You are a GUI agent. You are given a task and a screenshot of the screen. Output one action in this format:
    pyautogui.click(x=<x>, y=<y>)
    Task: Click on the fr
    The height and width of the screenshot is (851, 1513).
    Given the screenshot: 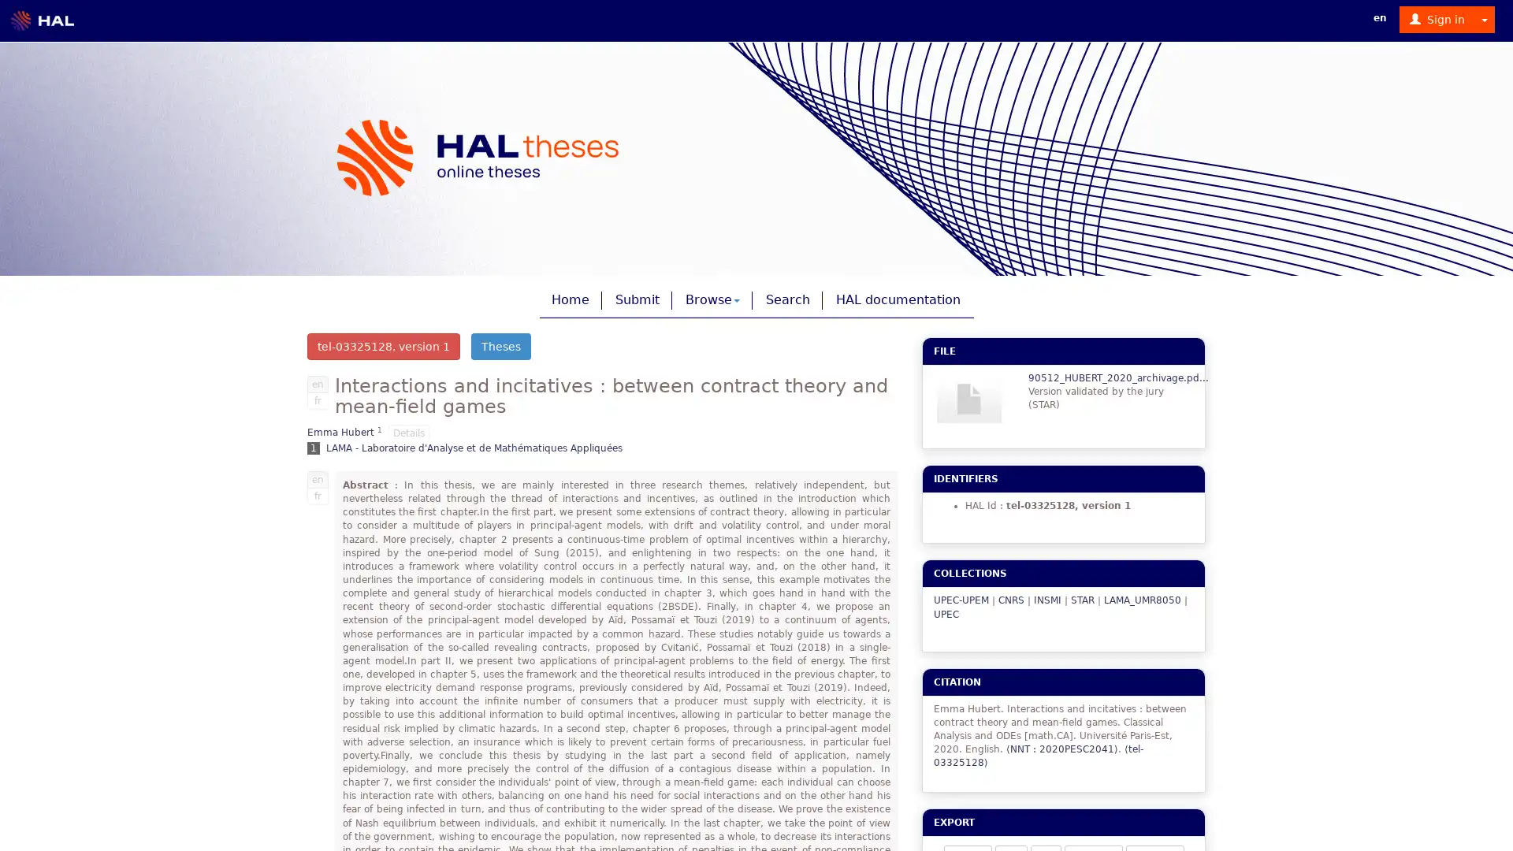 What is the action you would take?
    pyautogui.click(x=317, y=399)
    